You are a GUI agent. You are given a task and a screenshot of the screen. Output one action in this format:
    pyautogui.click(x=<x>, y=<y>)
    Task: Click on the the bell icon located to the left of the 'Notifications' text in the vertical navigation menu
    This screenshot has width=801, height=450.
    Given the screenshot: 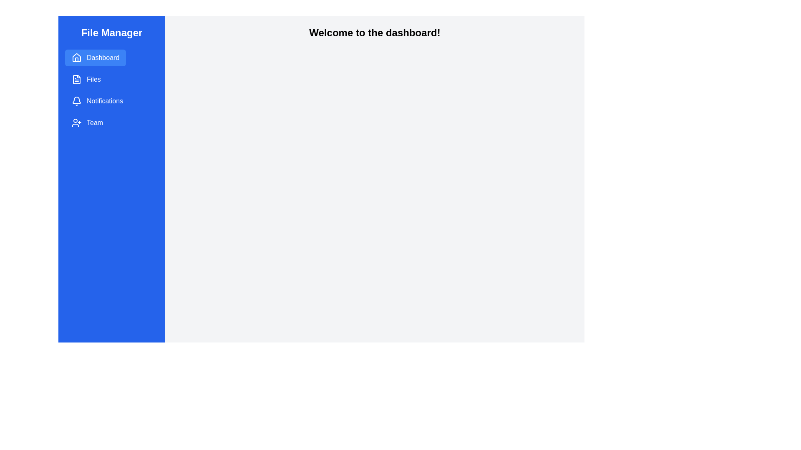 What is the action you would take?
    pyautogui.click(x=76, y=101)
    